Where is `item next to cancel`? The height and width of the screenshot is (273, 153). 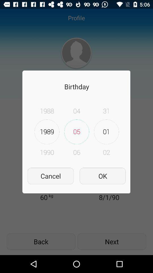 item next to cancel is located at coordinates (102, 176).